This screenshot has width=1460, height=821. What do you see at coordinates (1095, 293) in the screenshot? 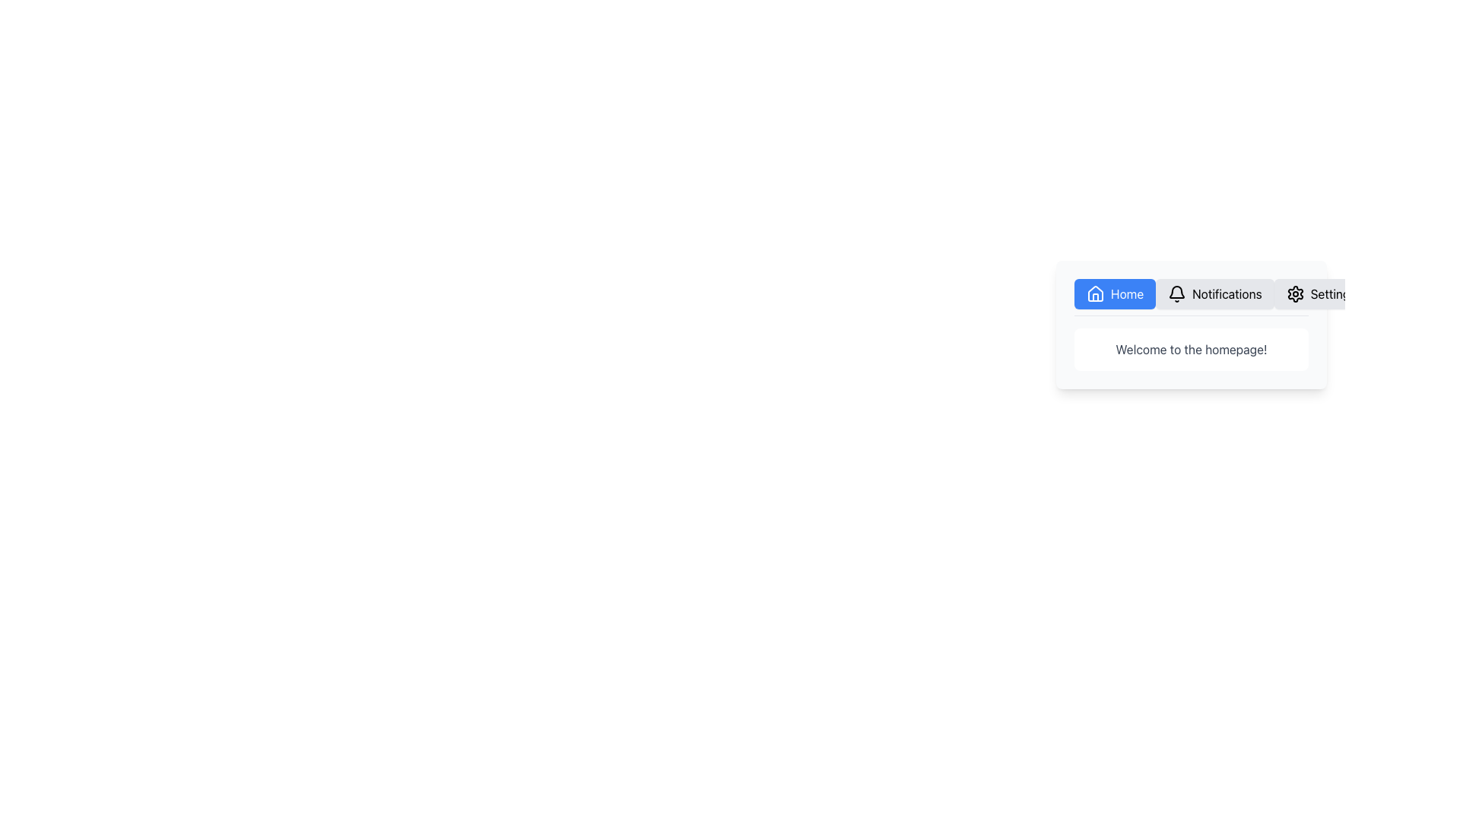
I see `the 'Home' navigation icon within the button` at bounding box center [1095, 293].